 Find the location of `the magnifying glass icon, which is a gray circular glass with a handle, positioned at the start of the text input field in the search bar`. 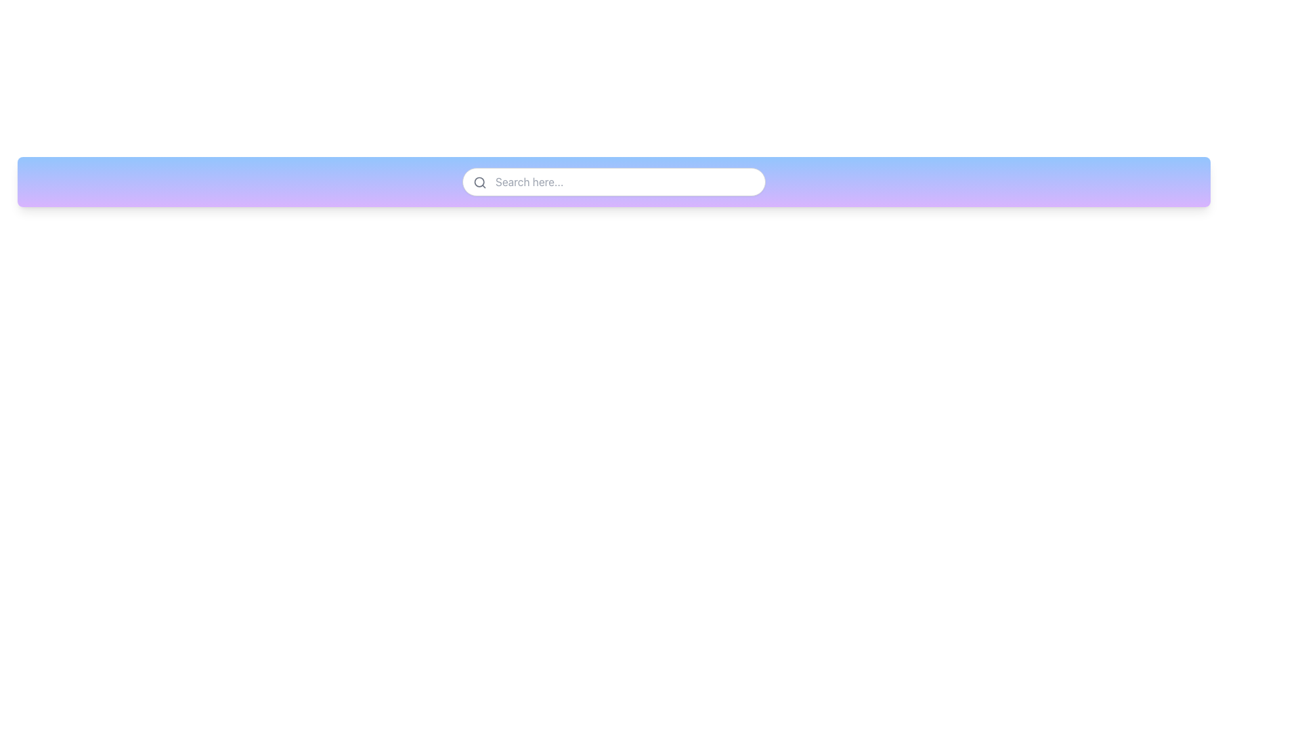

the magnifying glass icon, which is a gray circular glass with a handle, positioned at the start of the text input field in the search bar is located at coordinates (480, 183).